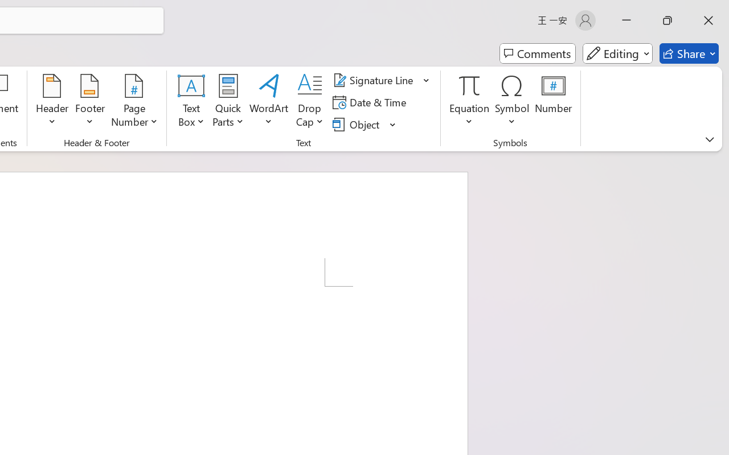  Describe the element at coordinates (89, 102) in the screenshot. I see `'Footer'` at that location.